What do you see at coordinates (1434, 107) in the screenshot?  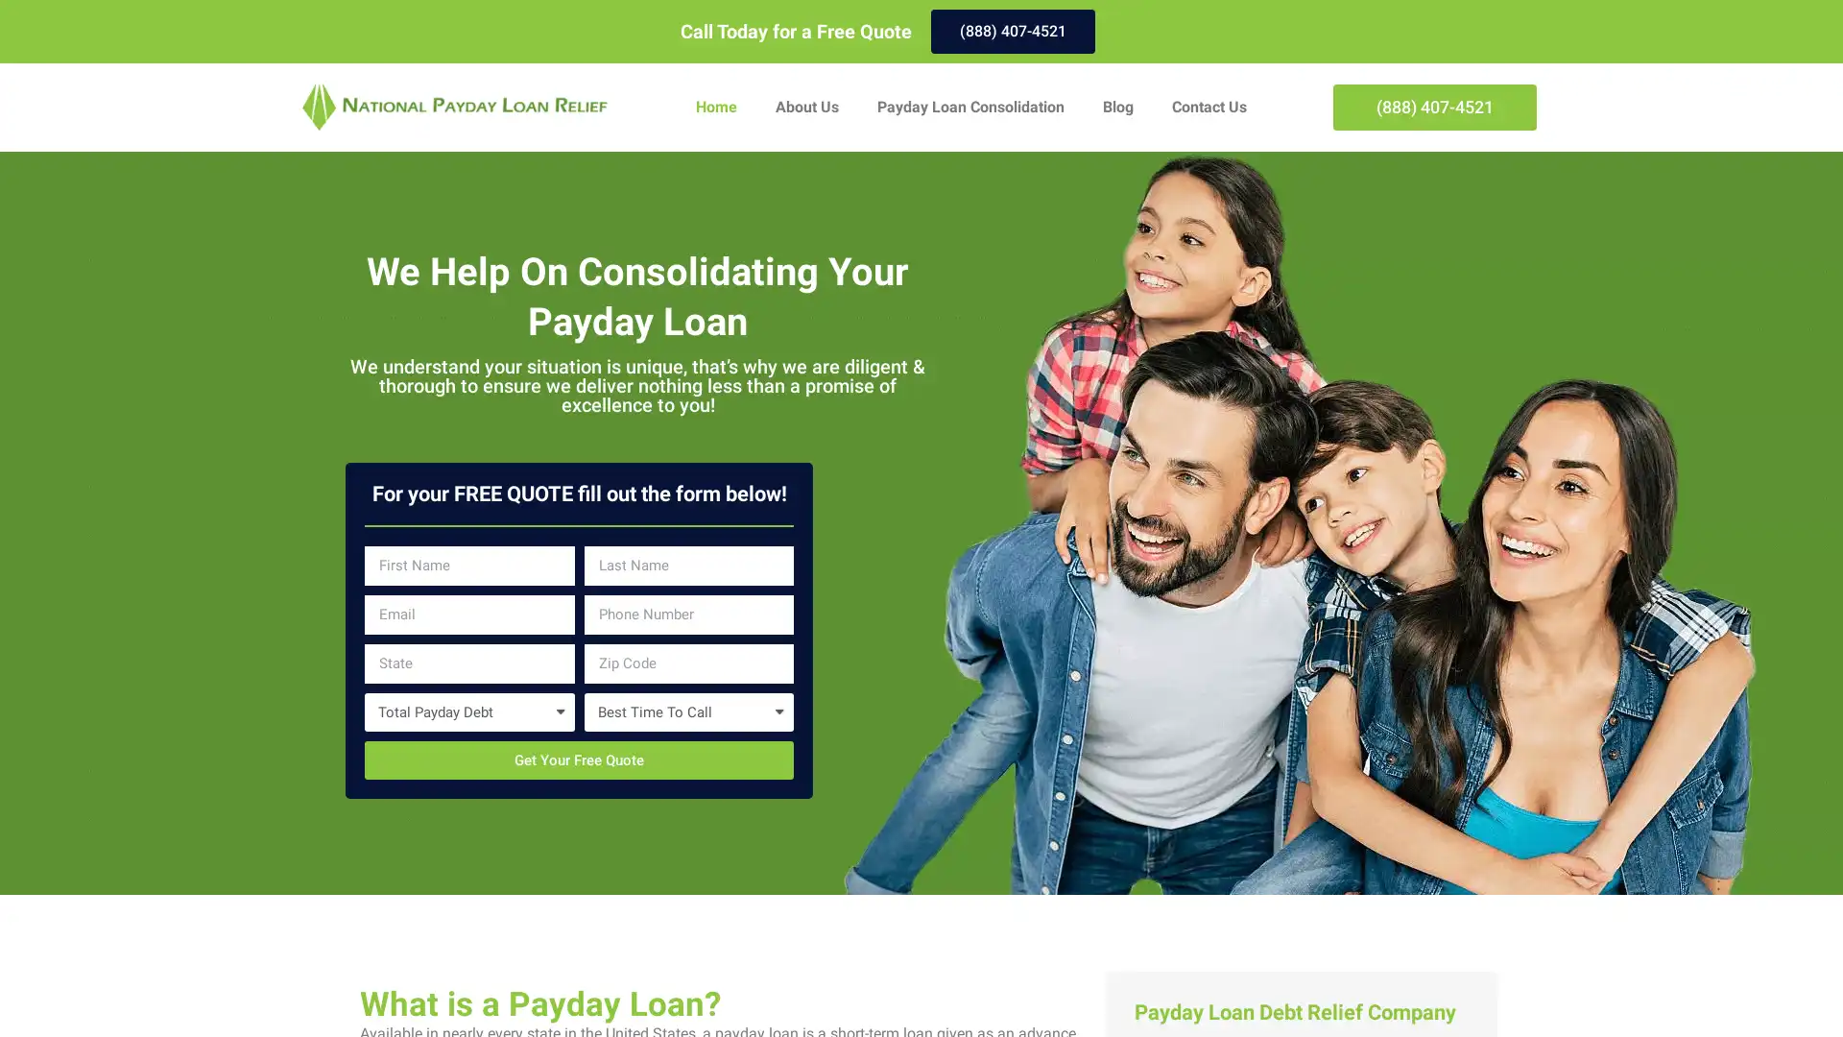 I see `(888) 407-4521` at bounding box center [1434, 107].